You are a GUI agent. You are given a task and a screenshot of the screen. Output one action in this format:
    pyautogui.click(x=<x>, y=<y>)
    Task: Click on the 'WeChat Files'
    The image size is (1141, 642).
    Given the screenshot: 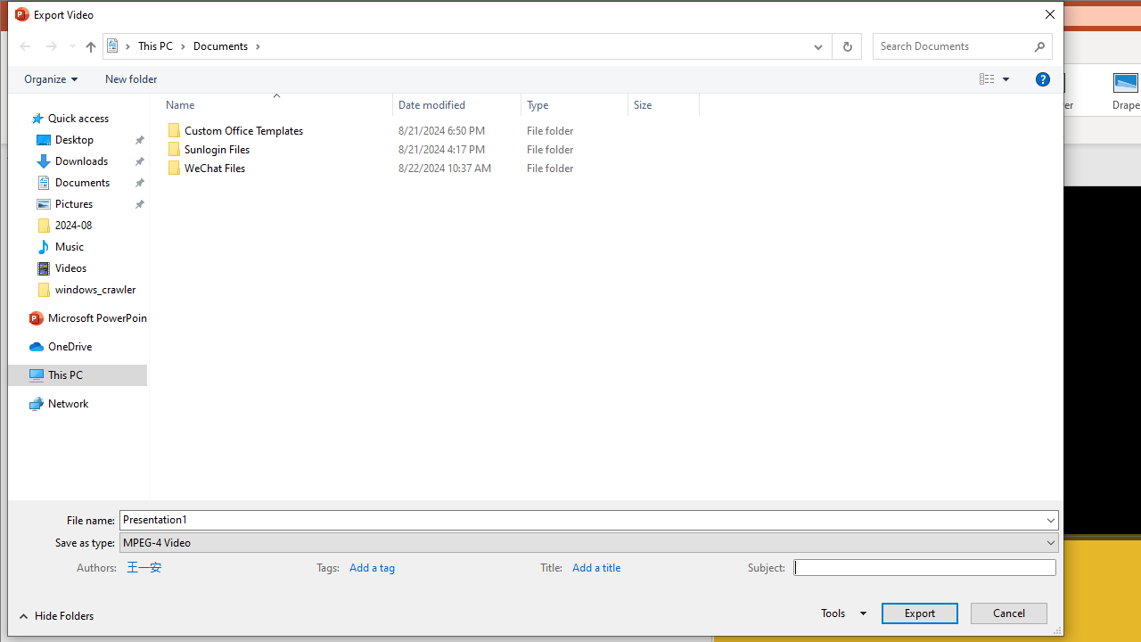 What is the action you would take?
    pyautogui.click(x=429, y=169)
    